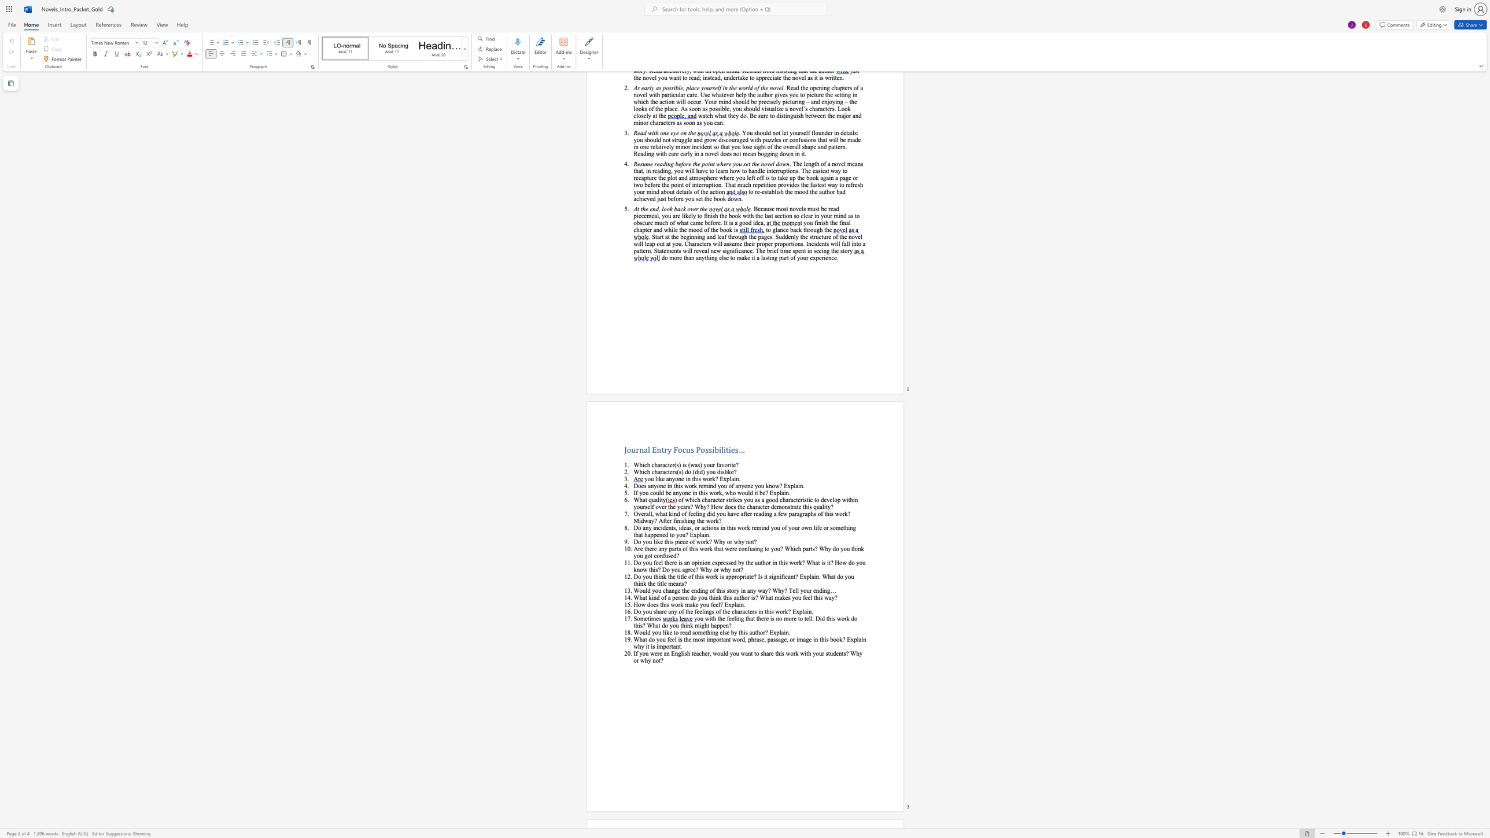  What do you see at coordinates (737, 618) in the screenshot?
I see `the subset text "ng that there is no more to tell. Did this work do this? Wh" within the text "you with the feeling that there is no more to tell. Did this work do this? What do you think might happen?"` at bounding box center [737, 618].